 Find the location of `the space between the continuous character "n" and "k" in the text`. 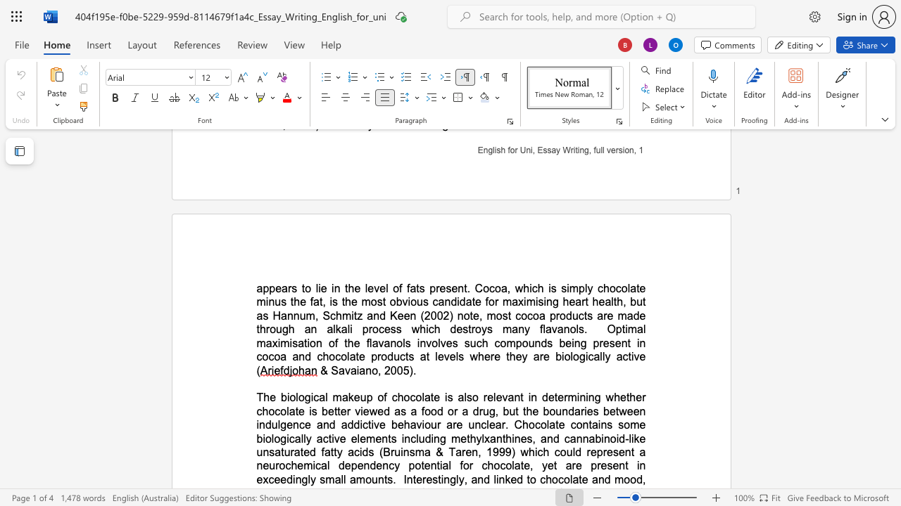

the space between the continuous character "n" and "k" in the text is located at coordinates (505, 479).